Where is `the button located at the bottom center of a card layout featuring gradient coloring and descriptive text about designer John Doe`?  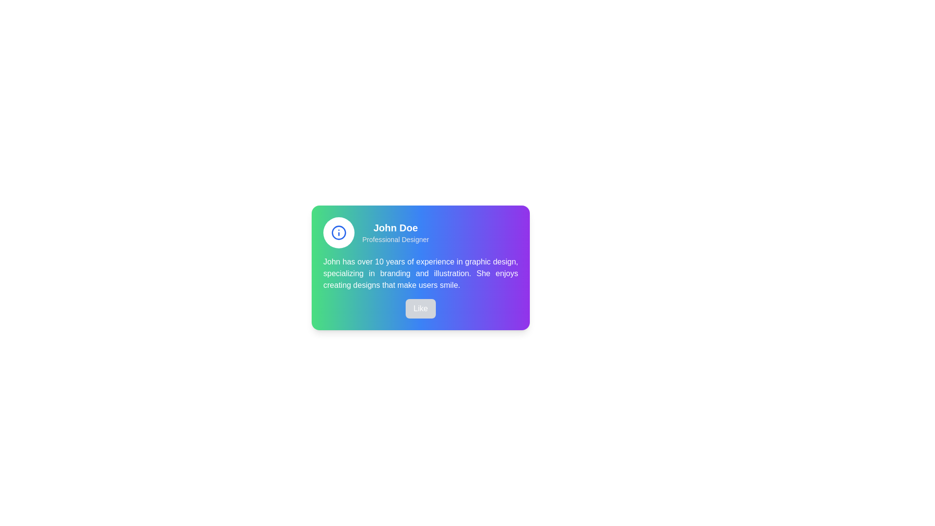 the button located at the bottom center of a card layout featuring gradient coloring and descriptive text about designer John Doe is located at coordinates (421, 308).